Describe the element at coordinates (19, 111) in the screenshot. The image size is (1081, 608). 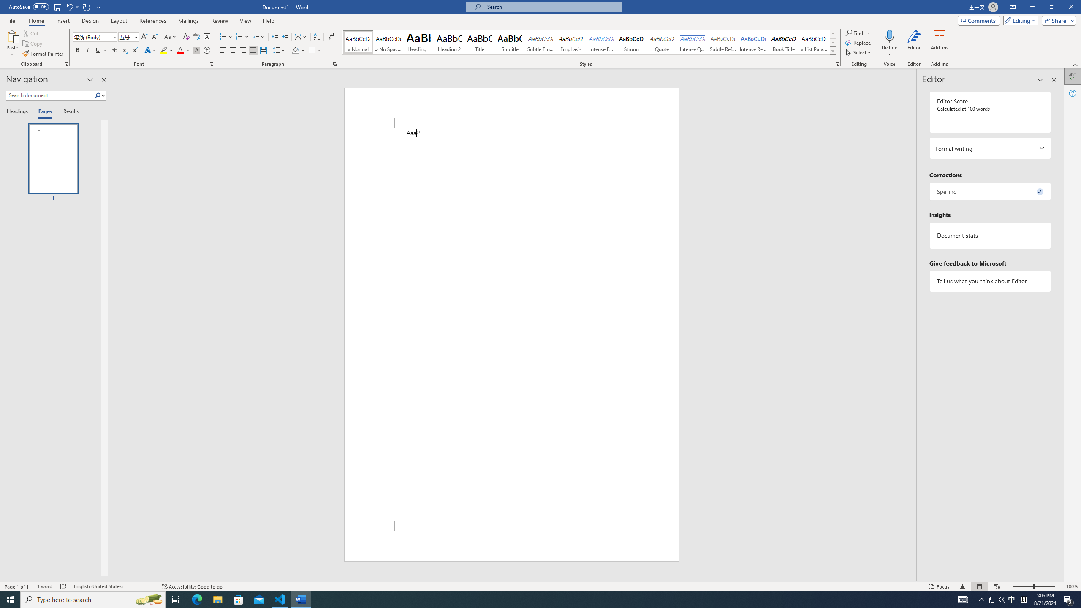
I see `'Headings'` at that location.